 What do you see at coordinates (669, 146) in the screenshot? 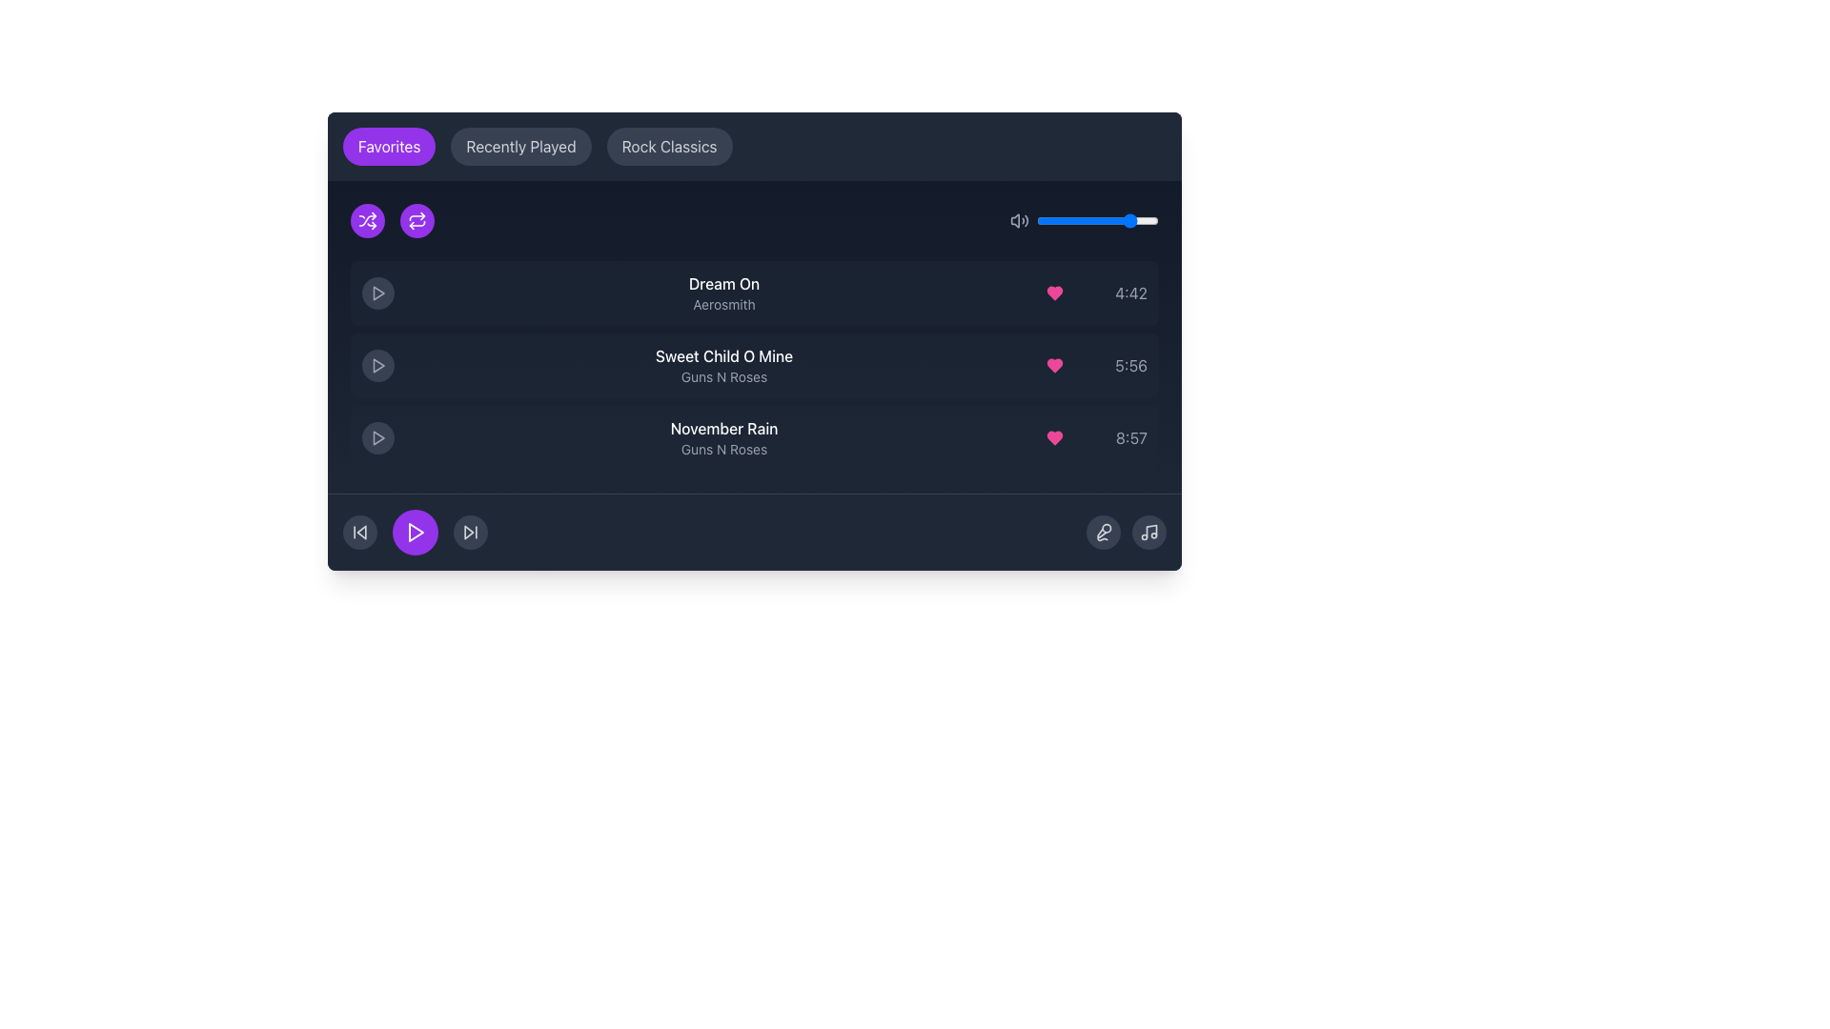
I see `the 'Rock Classics' pill-shaped button with a dark gray background to observe its hover effect` at bounding box center [669, 146].